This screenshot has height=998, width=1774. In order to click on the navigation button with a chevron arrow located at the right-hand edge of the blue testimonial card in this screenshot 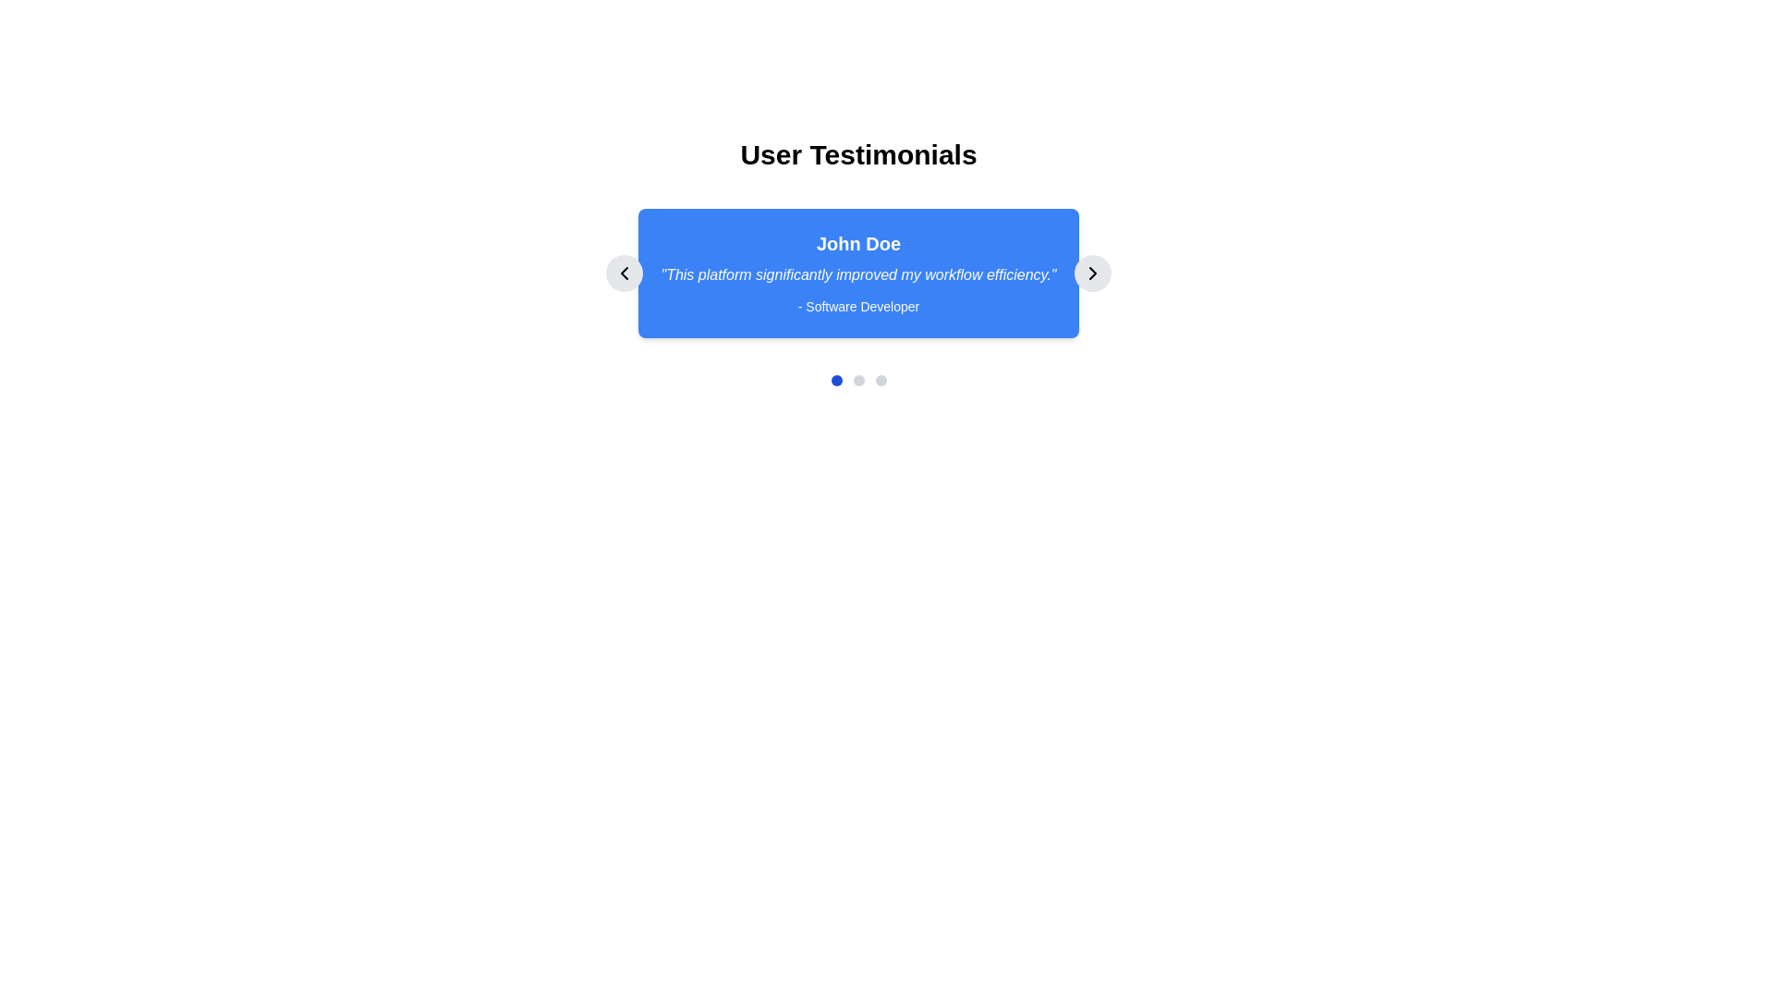, I will do `click(1092, 274)`.